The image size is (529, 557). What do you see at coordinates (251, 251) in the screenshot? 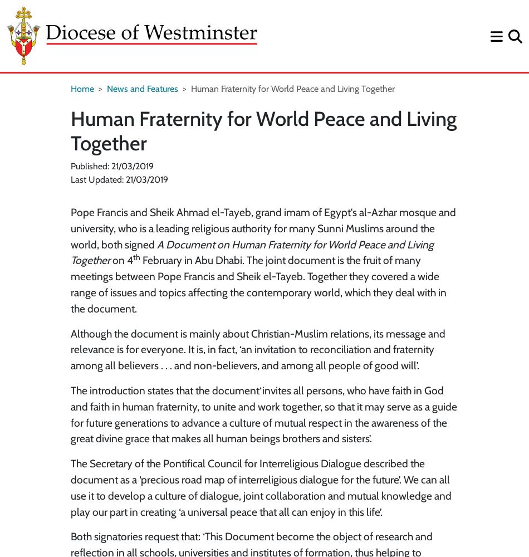
I see `'A Document on Human Fraternity for World Peace and Living Together'` at bounding box center [251, 251].